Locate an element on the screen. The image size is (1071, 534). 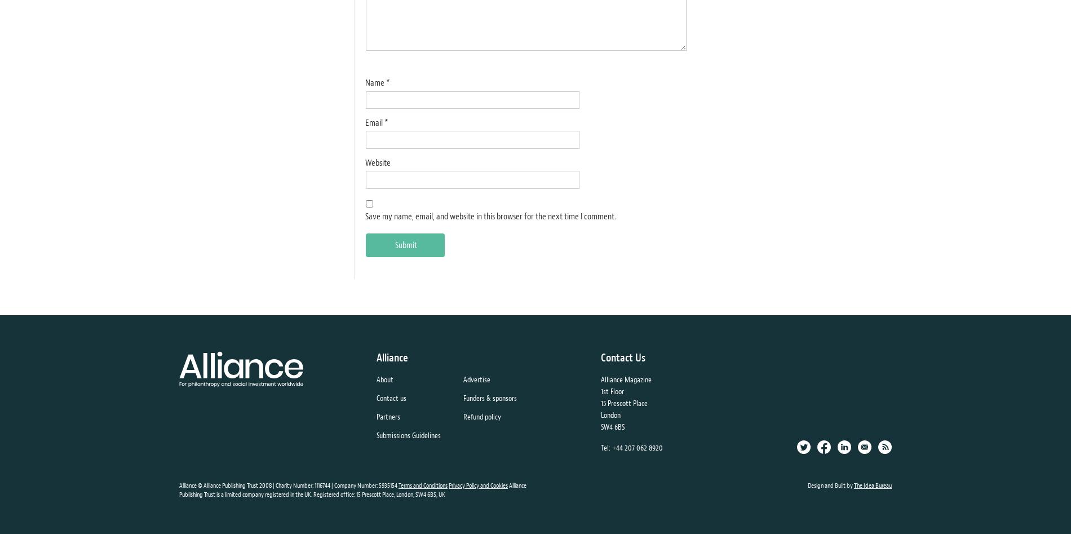
'SW4 6BS' is located at coordinates (612, 426).